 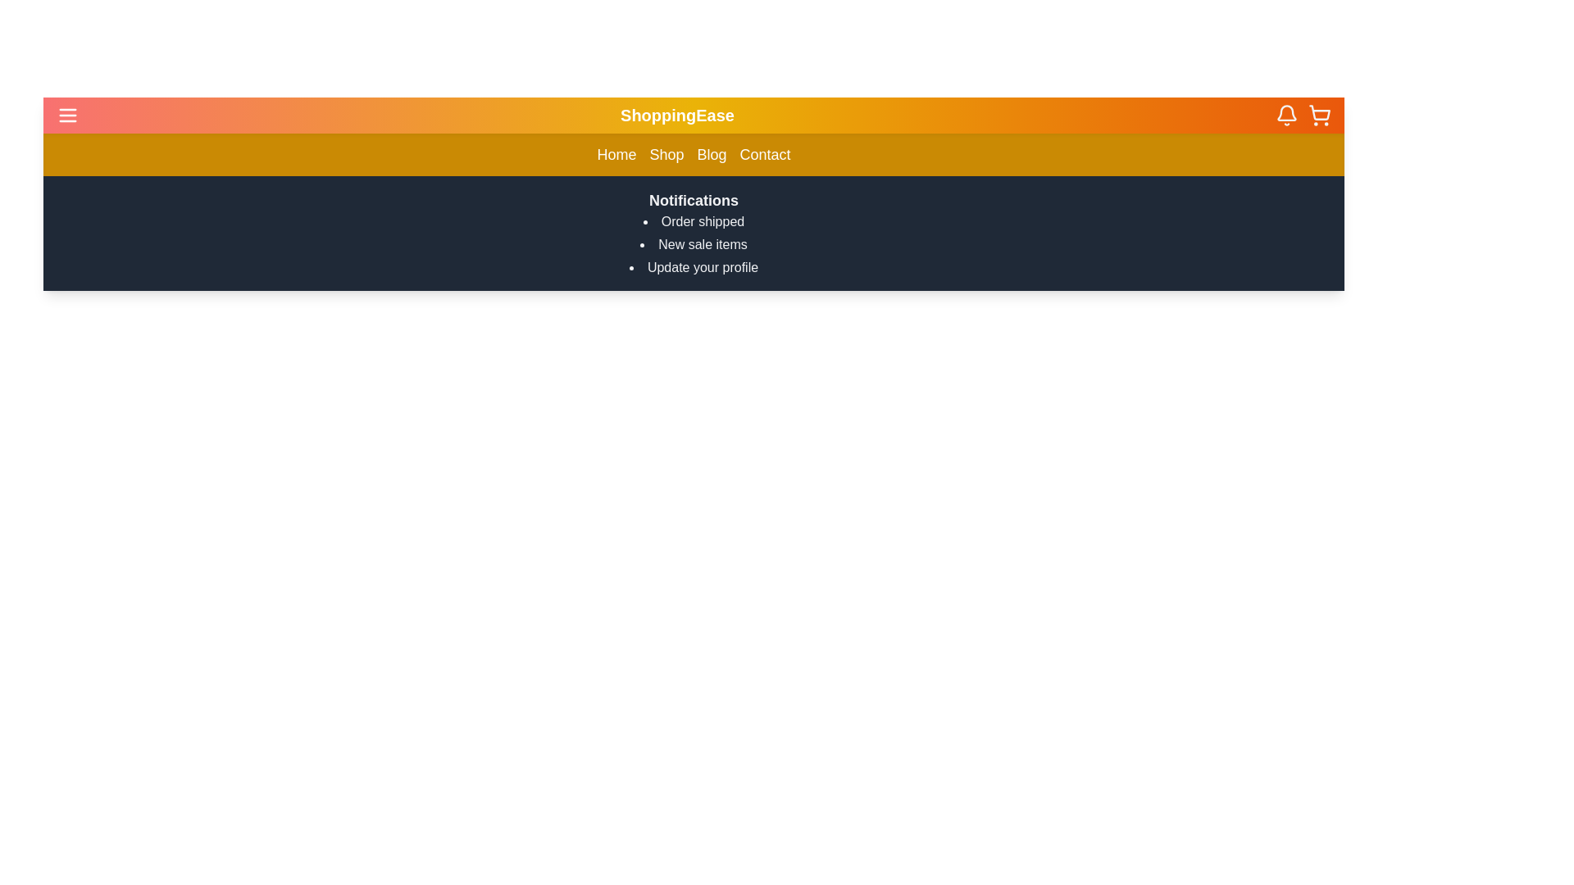 What do you see at coordinates (66, 115) in the screenshot?
I see `the hamburger menu button with a gradient pink background, located on the far left edge of the top navigation bar adjacent to 'ShoppingEase' for keyboard interaction` at bounding box center [66, 115].